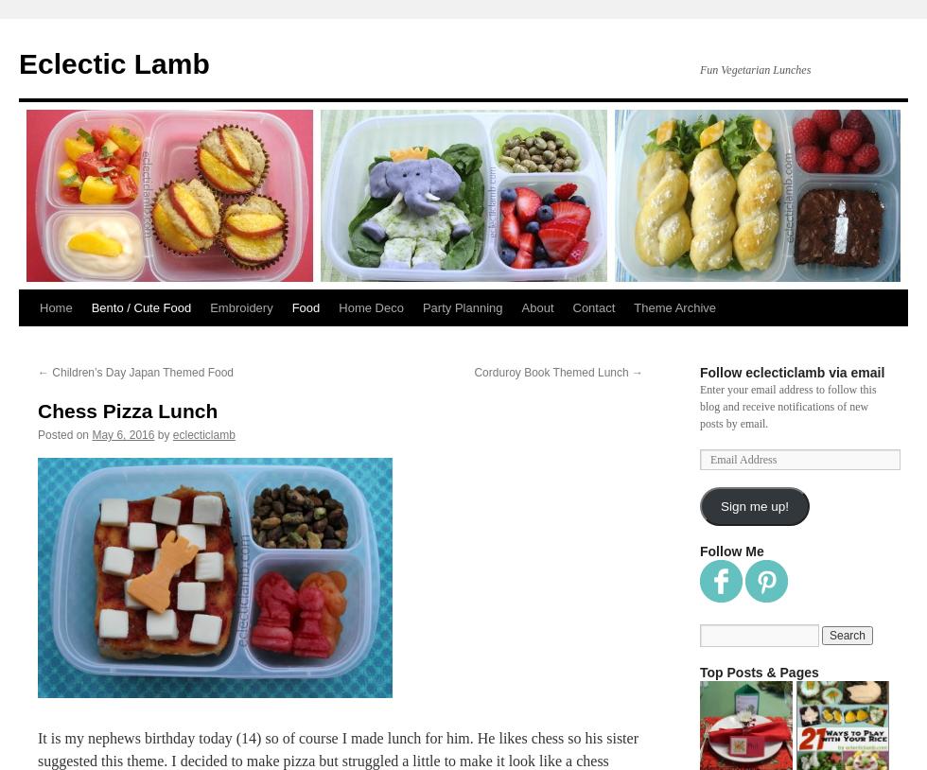 The image size is (927, 770). I want to click on 'Sign me up!', so click(754, 505).